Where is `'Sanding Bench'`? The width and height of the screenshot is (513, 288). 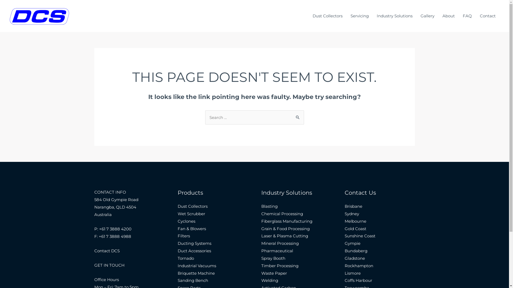
'Sanding Bench' is located at coordinates (192, 280).